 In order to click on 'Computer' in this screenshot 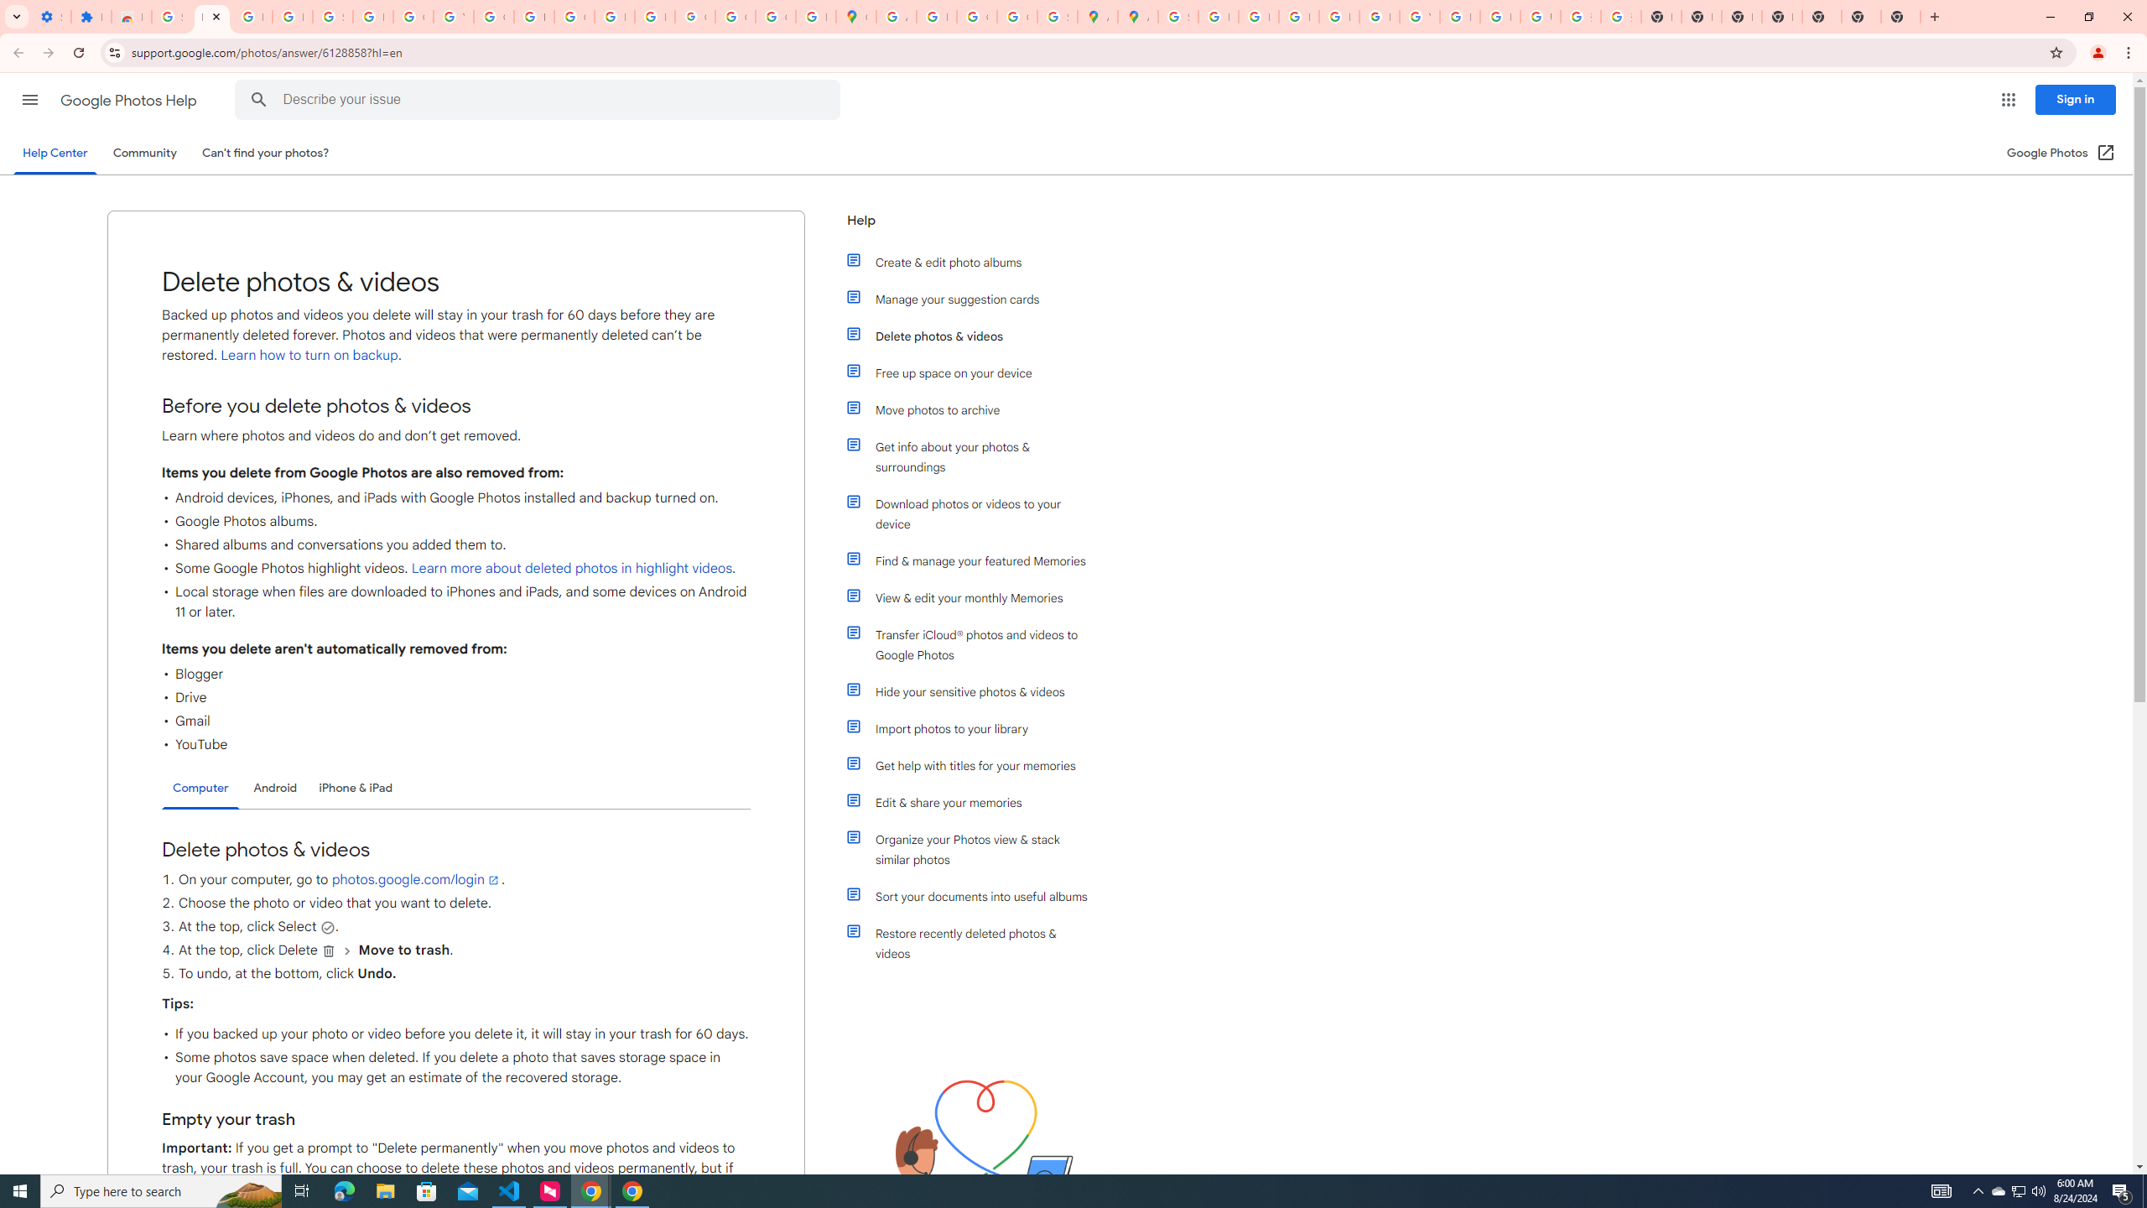, I will do `click(200, 788)`.